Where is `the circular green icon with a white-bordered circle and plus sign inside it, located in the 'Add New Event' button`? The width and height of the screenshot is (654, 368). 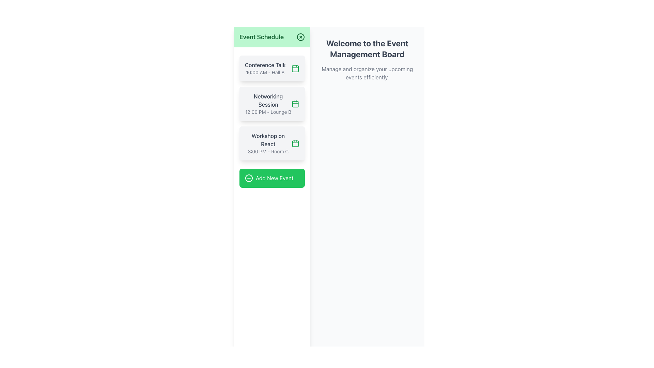
the circular green icon with a white-bordered circle and plus sign inside it, located in the 'Add New Event' button is located at coordinates (248, 178).